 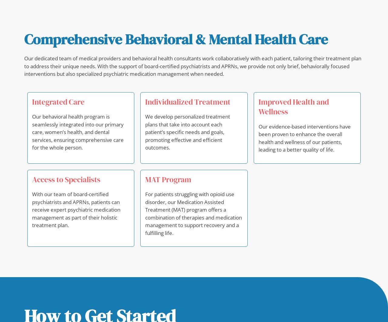 What do you see at coordinates (78, 132) in the screenshot?
I see `'Our behavioral health program is seamlessly integrated into our primary care, women’s health, and dental services, ensuring comprehensive care for the whole person.'` at bounding box center [78, 132].